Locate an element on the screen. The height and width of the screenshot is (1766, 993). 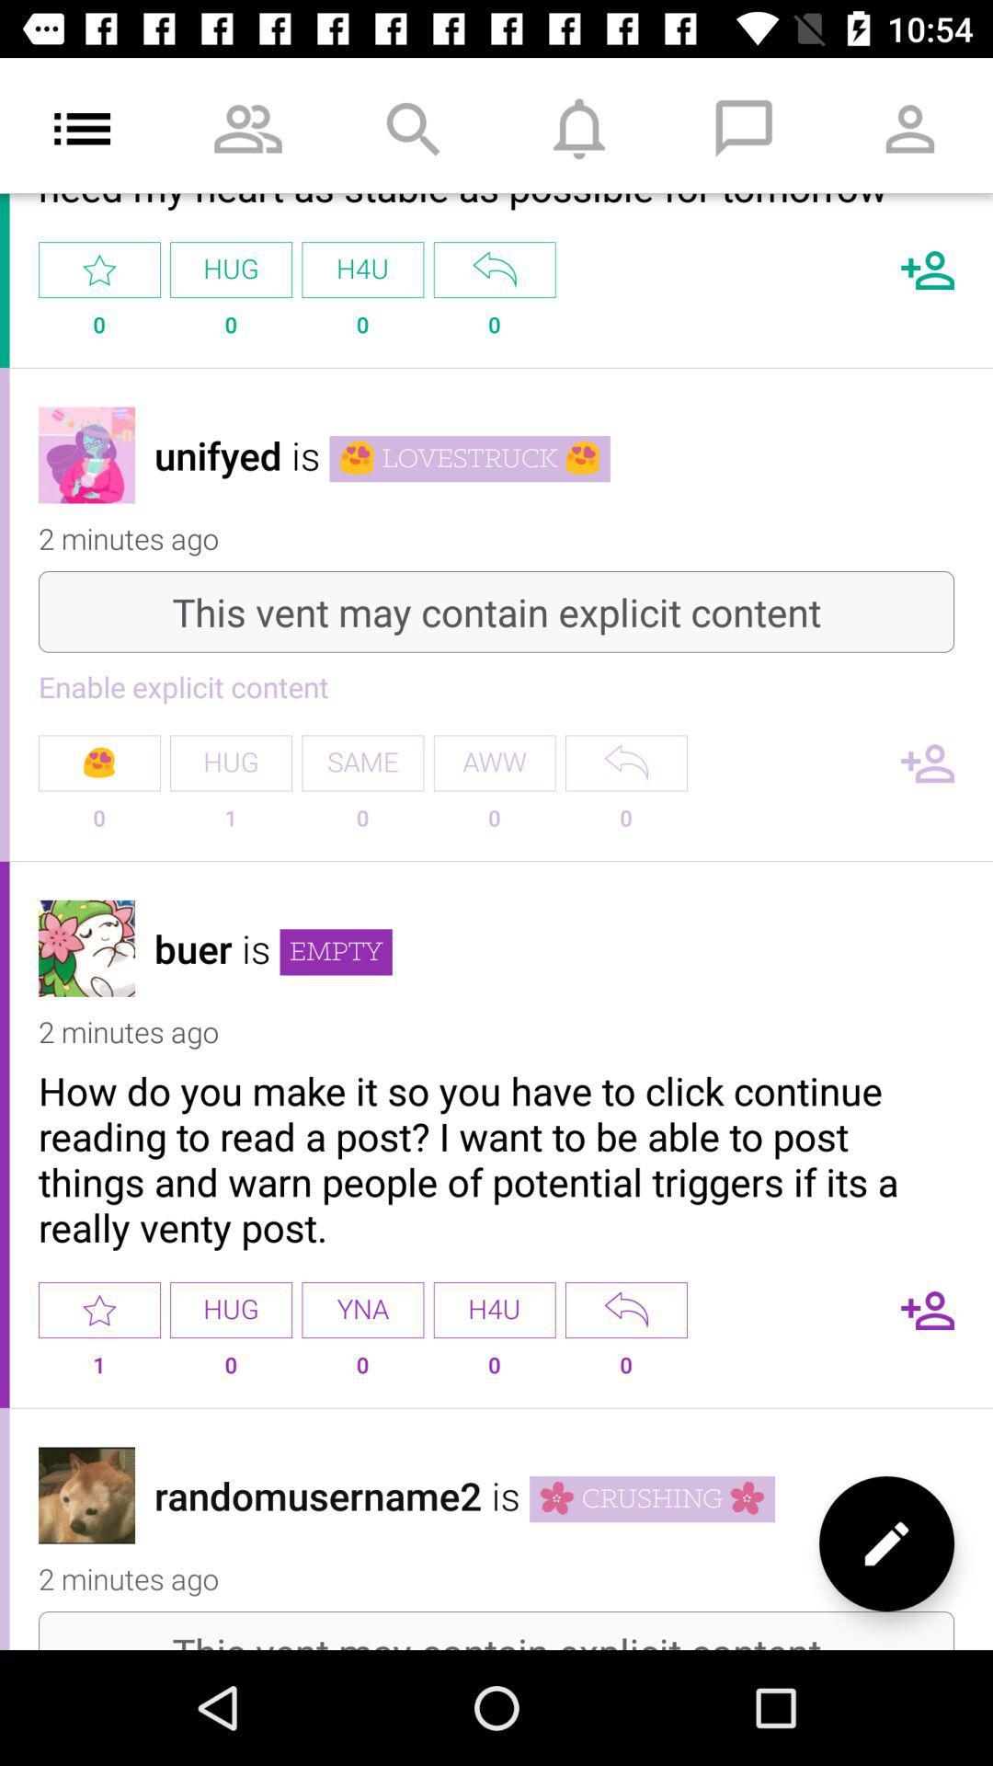
the edit icon is located at coordinates (885, 1543).